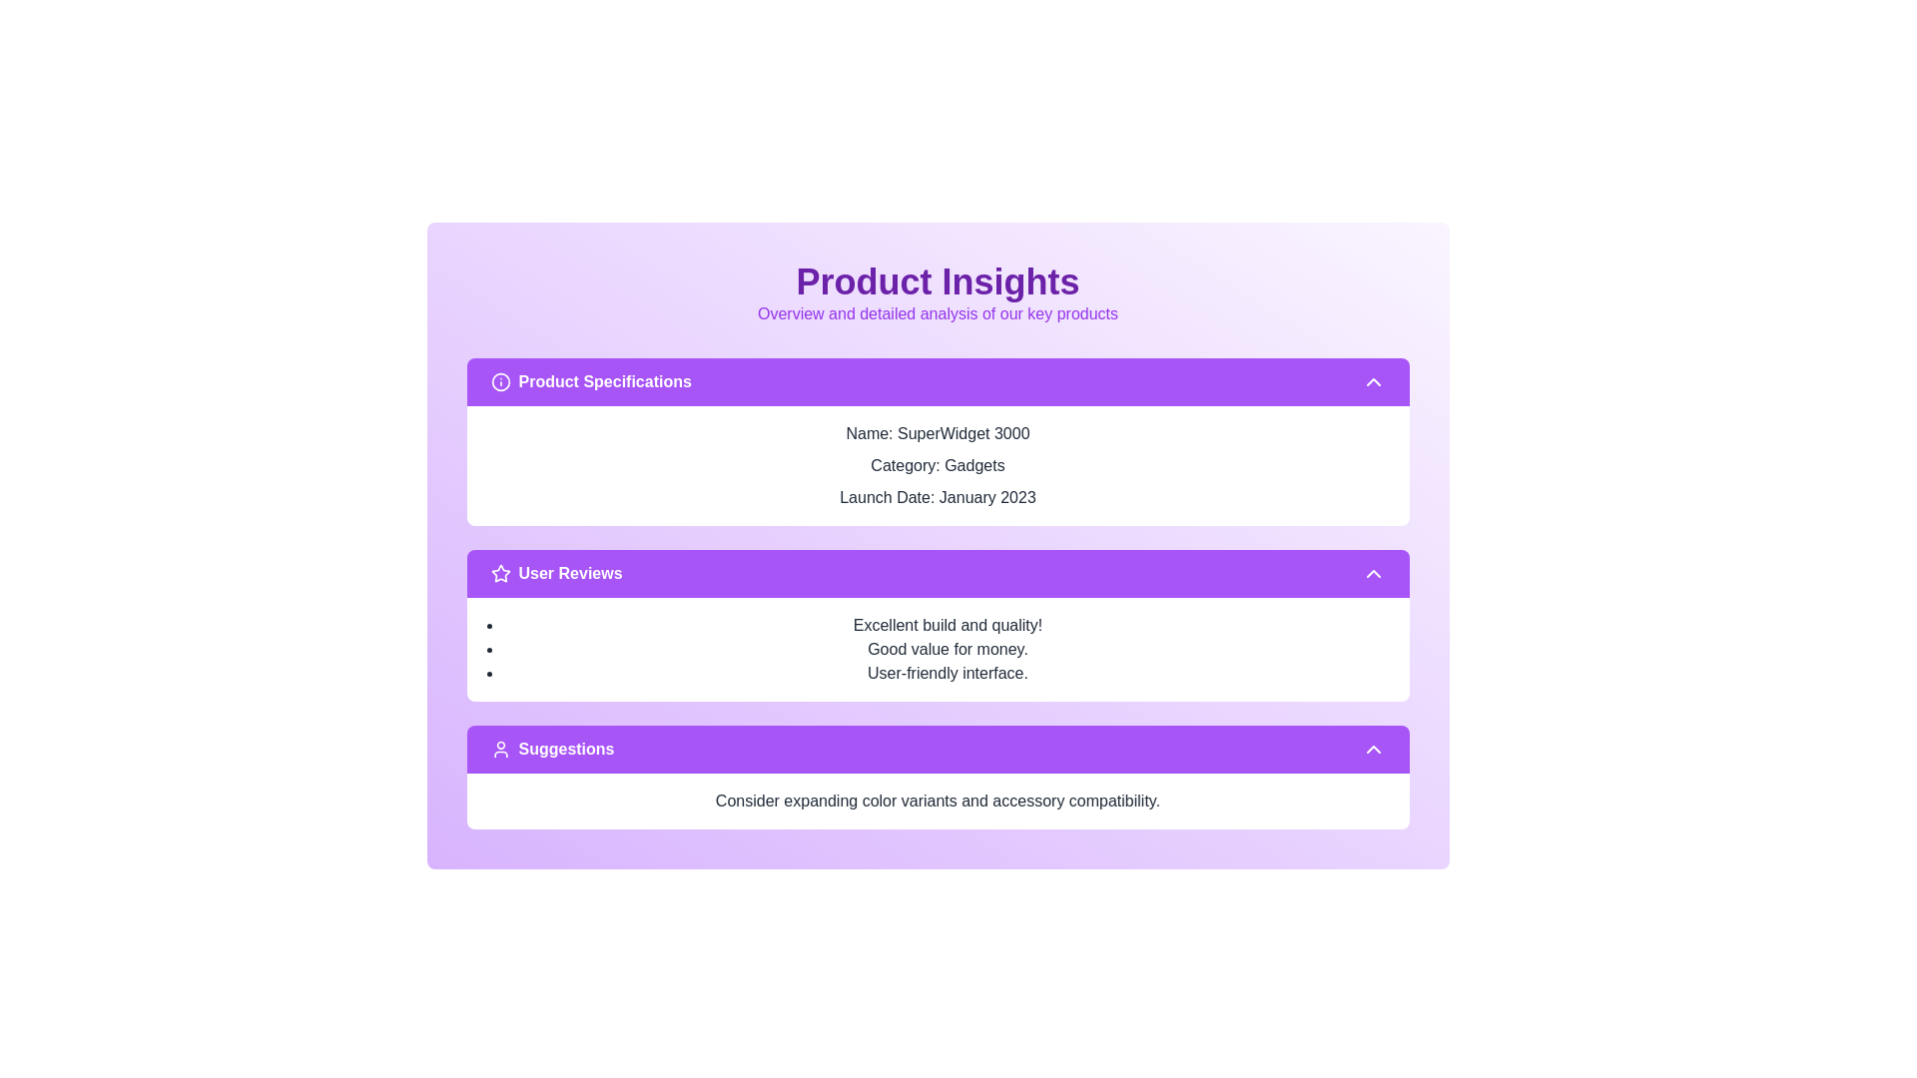 The width and height of the screenshot is (1917, 1078). What do you see at coordinates (1372, 381) in the screenshot?
I see `the chevron-shaped icon pointing upwards, located in the top-right corner of the 'Product Specifications' section header` at bounding box center [1372, 381].